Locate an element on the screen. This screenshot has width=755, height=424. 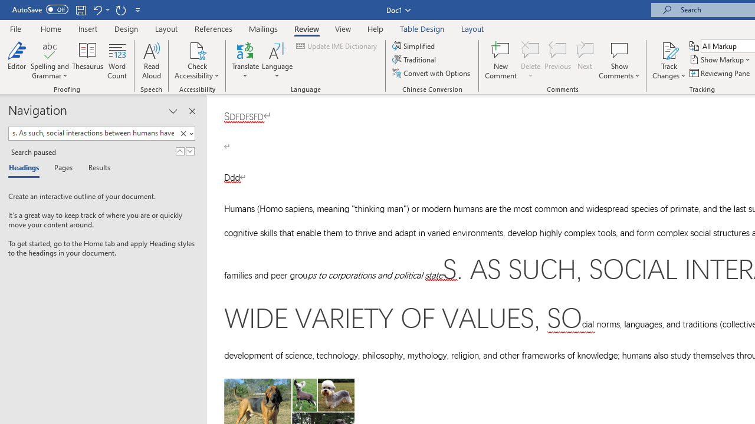
'Clear' is located at coordinates (183, 133).